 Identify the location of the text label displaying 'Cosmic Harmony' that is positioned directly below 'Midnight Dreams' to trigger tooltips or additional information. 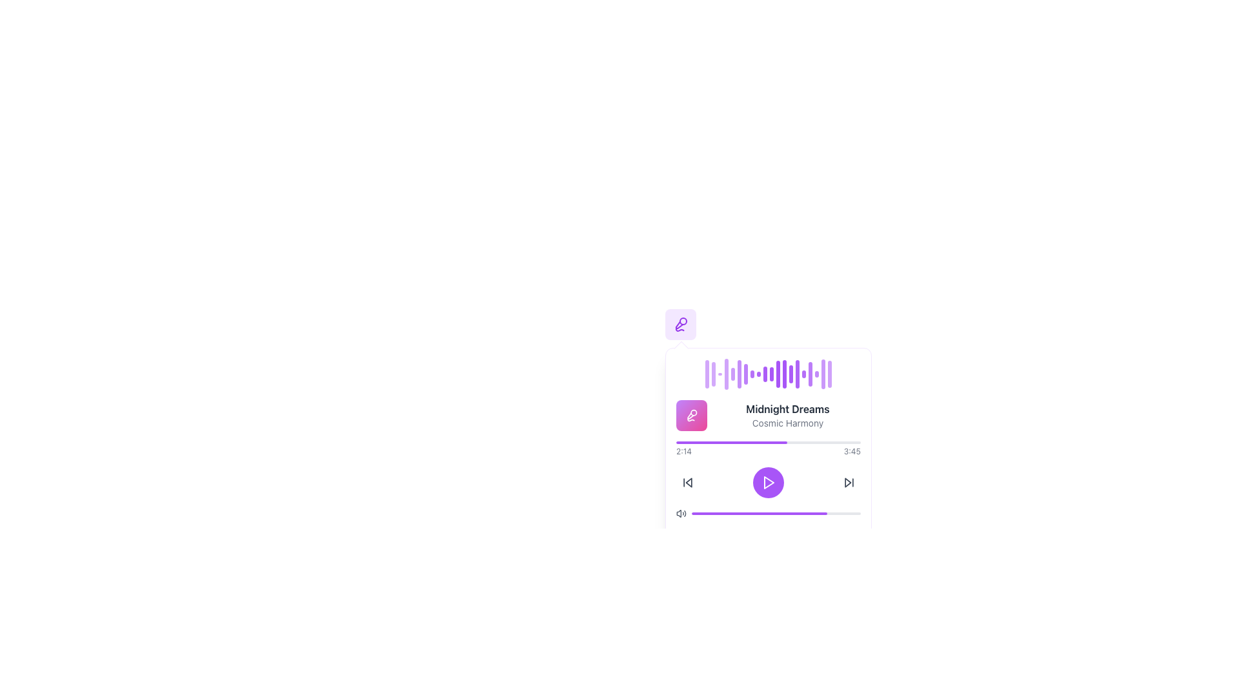
(787, 423).